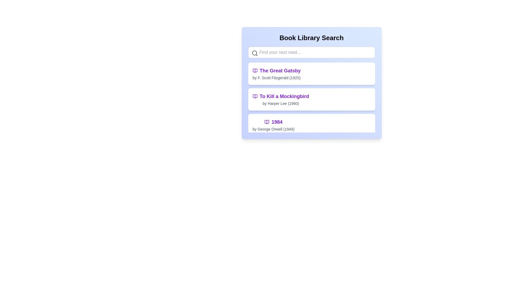  Describe the element at coordinates (273, 129) in the screenshot. I see `the text label providing additional information about the book '1984', which is located directly beneath the main title in the fourth listing of a vertical stack of items` at that location.